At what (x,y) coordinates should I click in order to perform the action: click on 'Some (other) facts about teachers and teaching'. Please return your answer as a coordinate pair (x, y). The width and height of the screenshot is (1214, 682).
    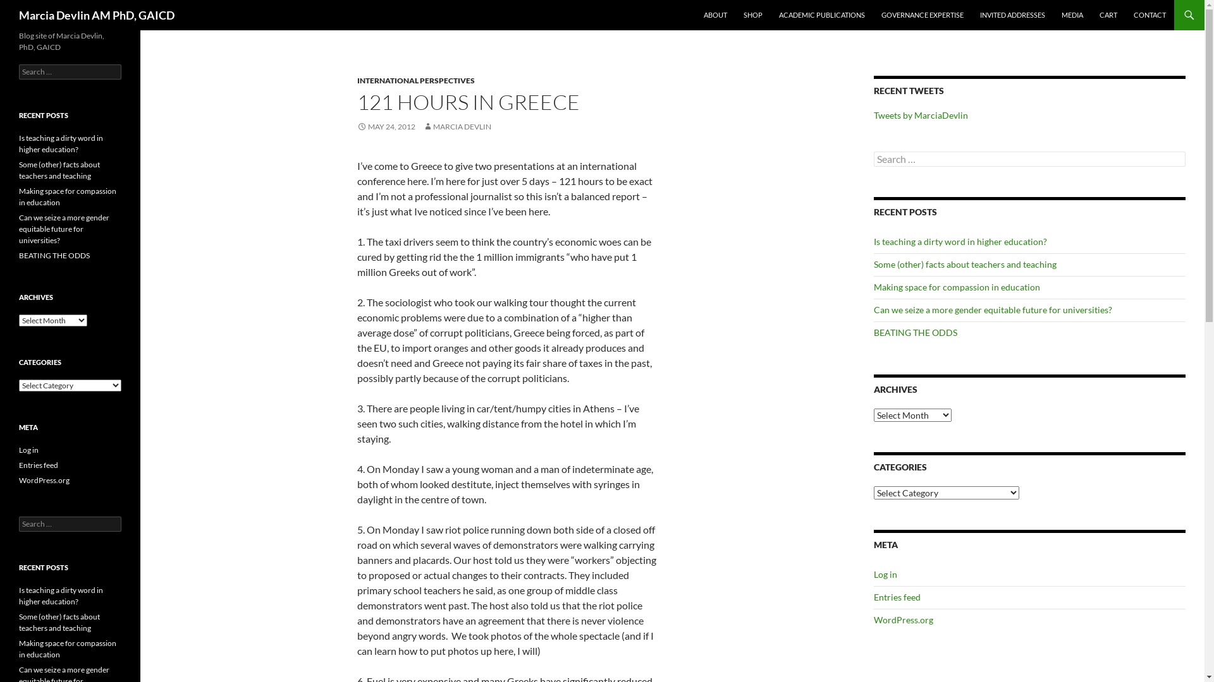
    Looking at the image, I should click on (964, 263).